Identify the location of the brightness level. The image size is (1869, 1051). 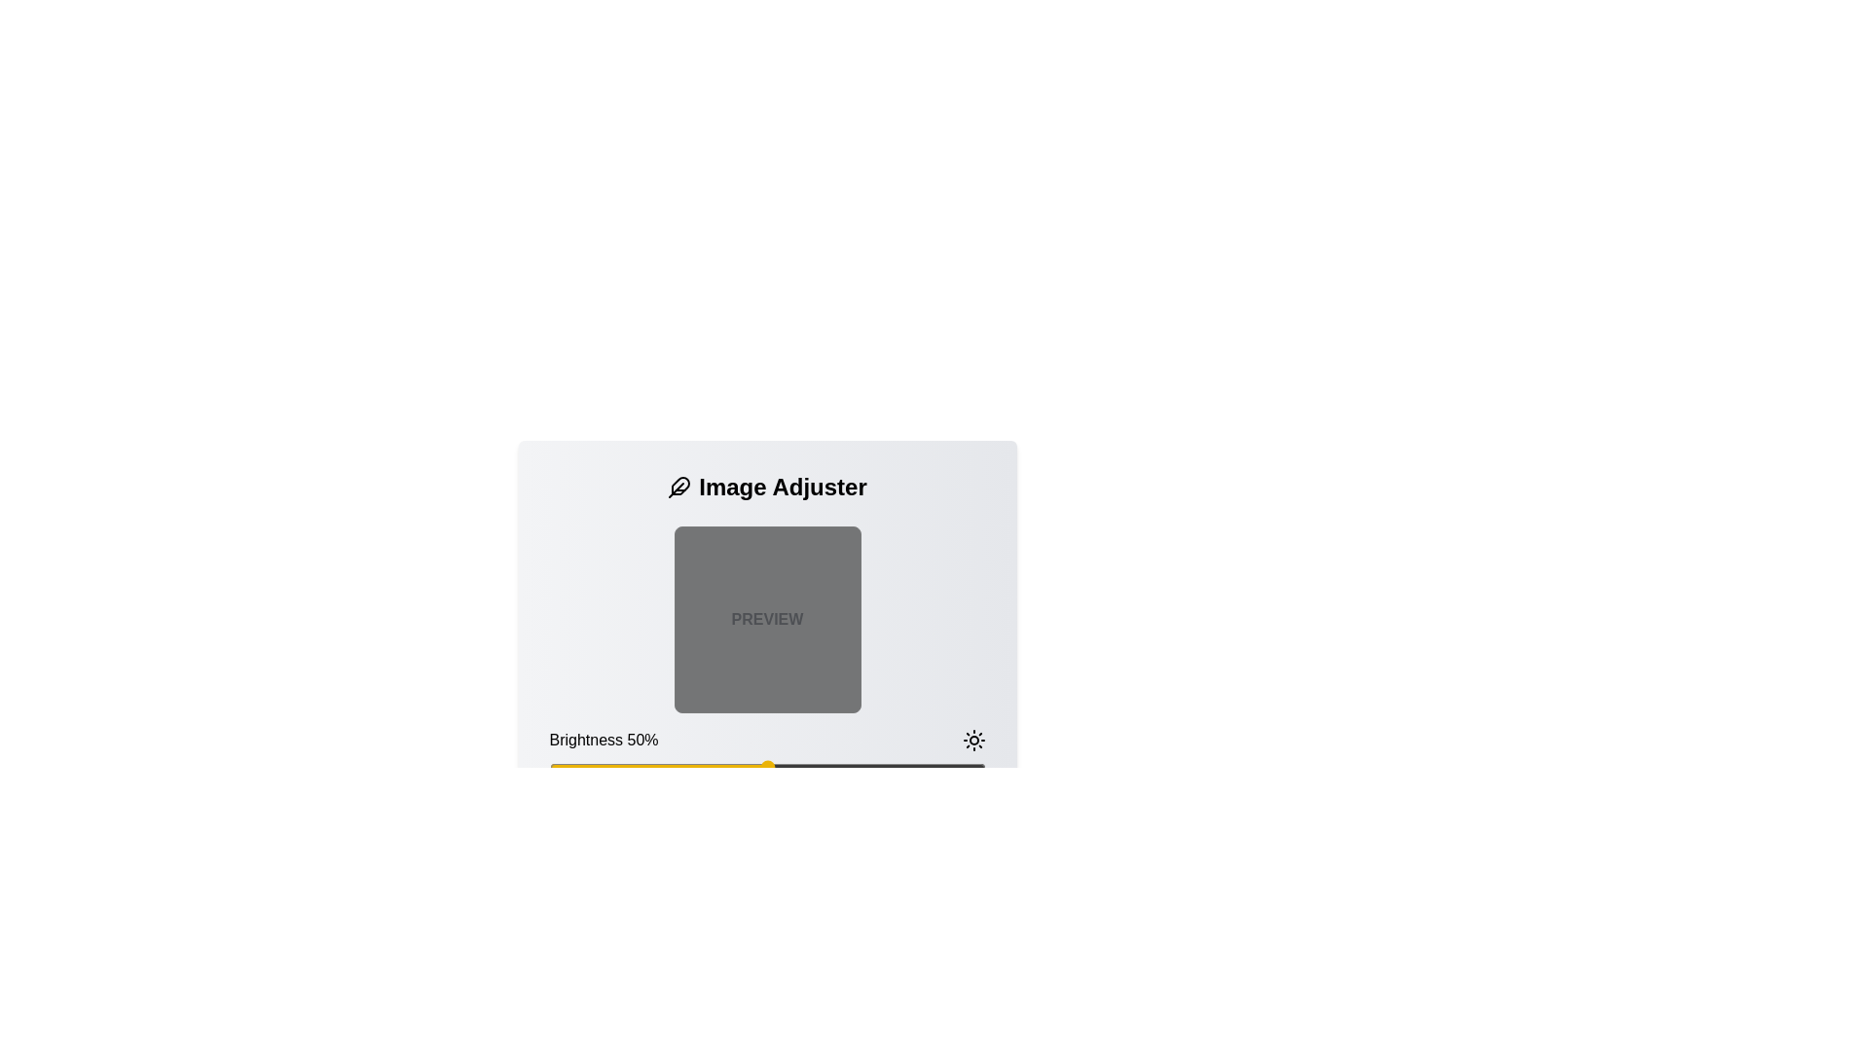
(919, 767).